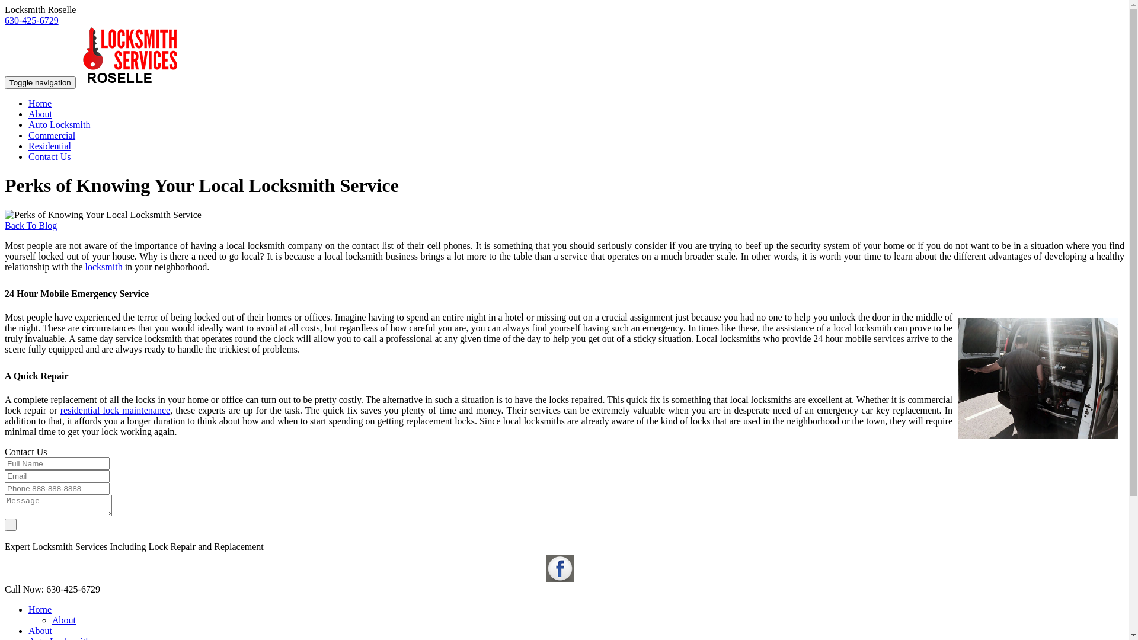 This screenshot has width=1138, height=640. What do you see at coordinates (31, 20) in the screenshot?
I see `'630-425-6729'` at bounding box center [31, 20].